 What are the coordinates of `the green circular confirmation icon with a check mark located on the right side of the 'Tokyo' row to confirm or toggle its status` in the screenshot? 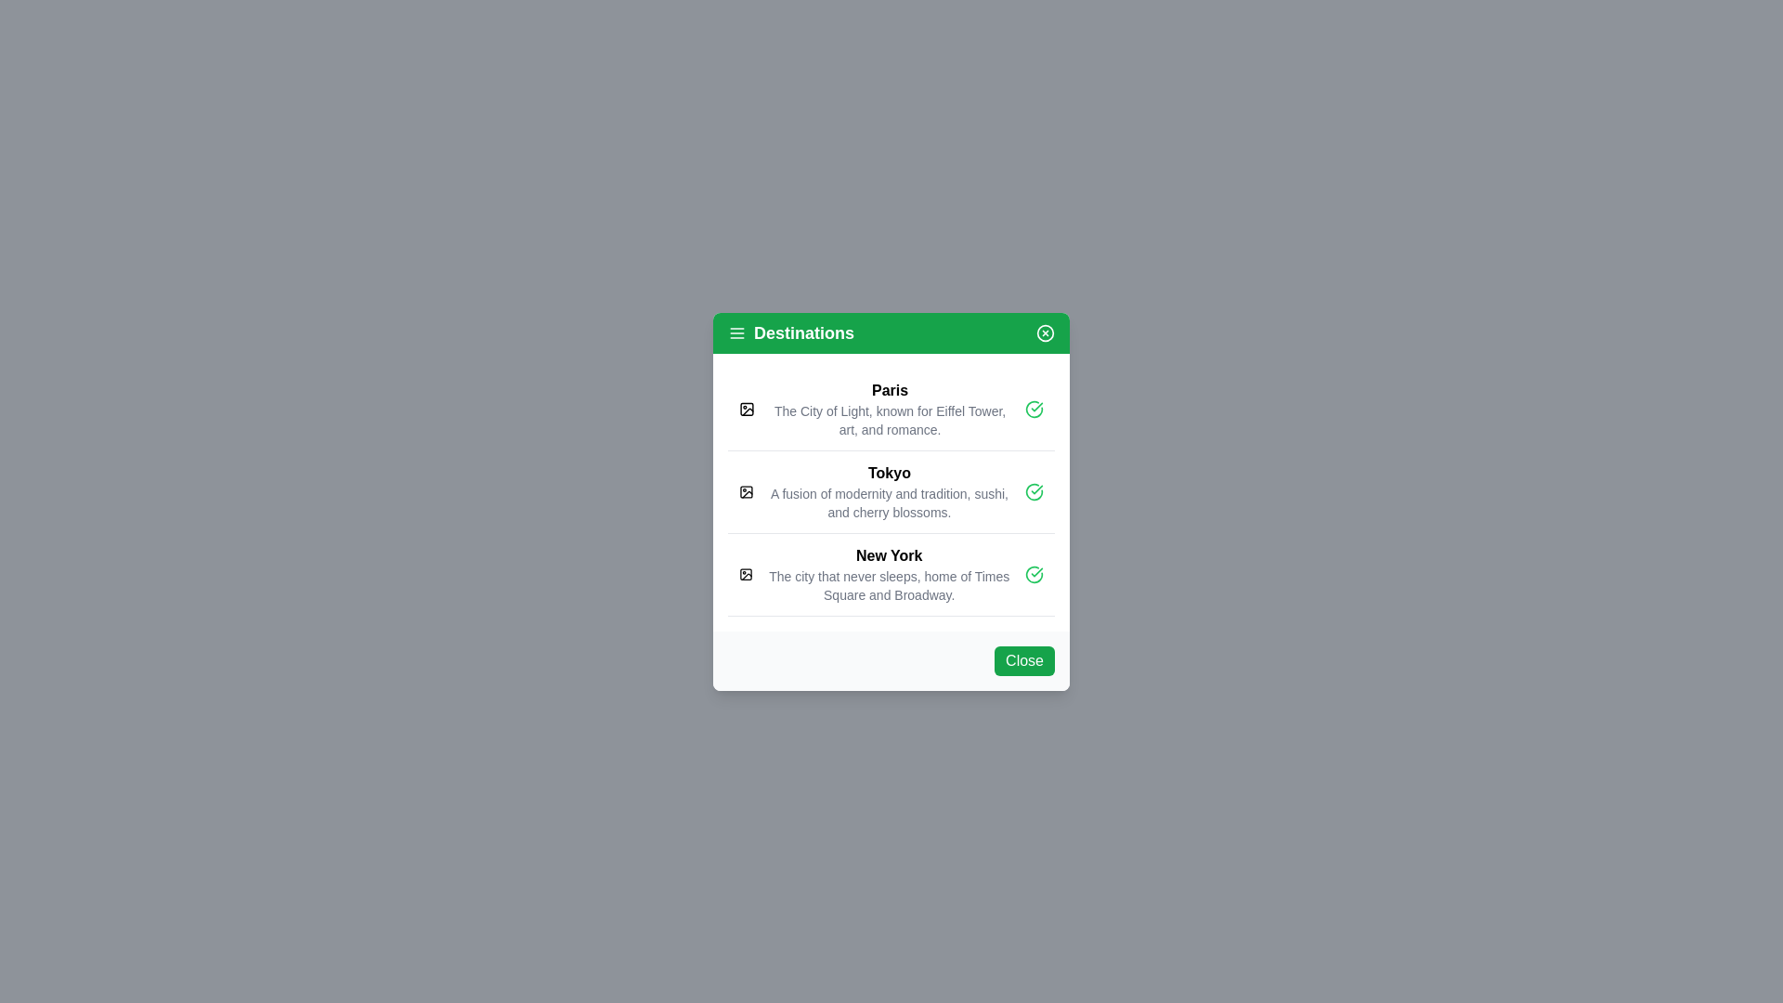 It's located at (1033, 490).